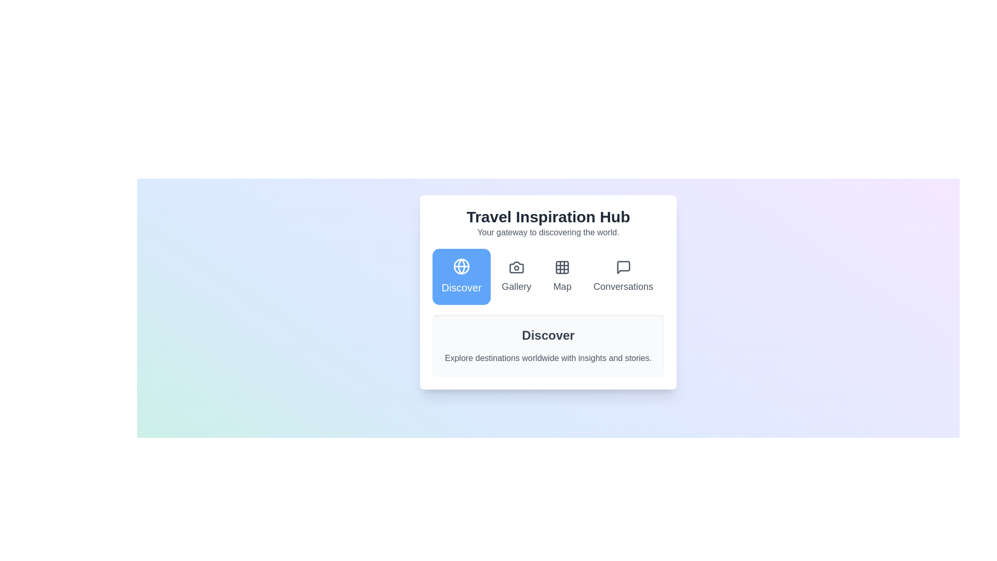 Image resolution: width=997 pixels, height=561 pixels. Describe the element at coordinates (562, 267) in the screenshot. I see `the modern, minimalistic 3x3 grid icon representing the 'Map' category, which is centered within its section` at that location.